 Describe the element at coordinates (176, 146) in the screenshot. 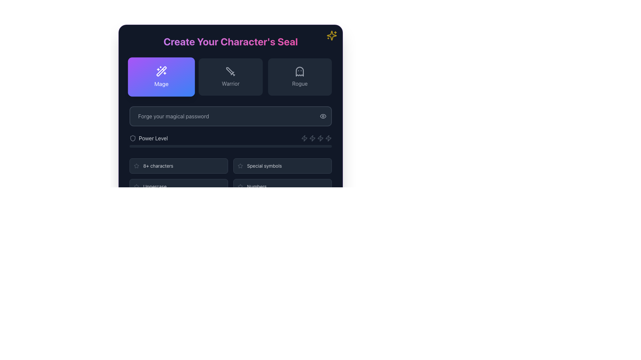

I see `the progress bar` at that location.